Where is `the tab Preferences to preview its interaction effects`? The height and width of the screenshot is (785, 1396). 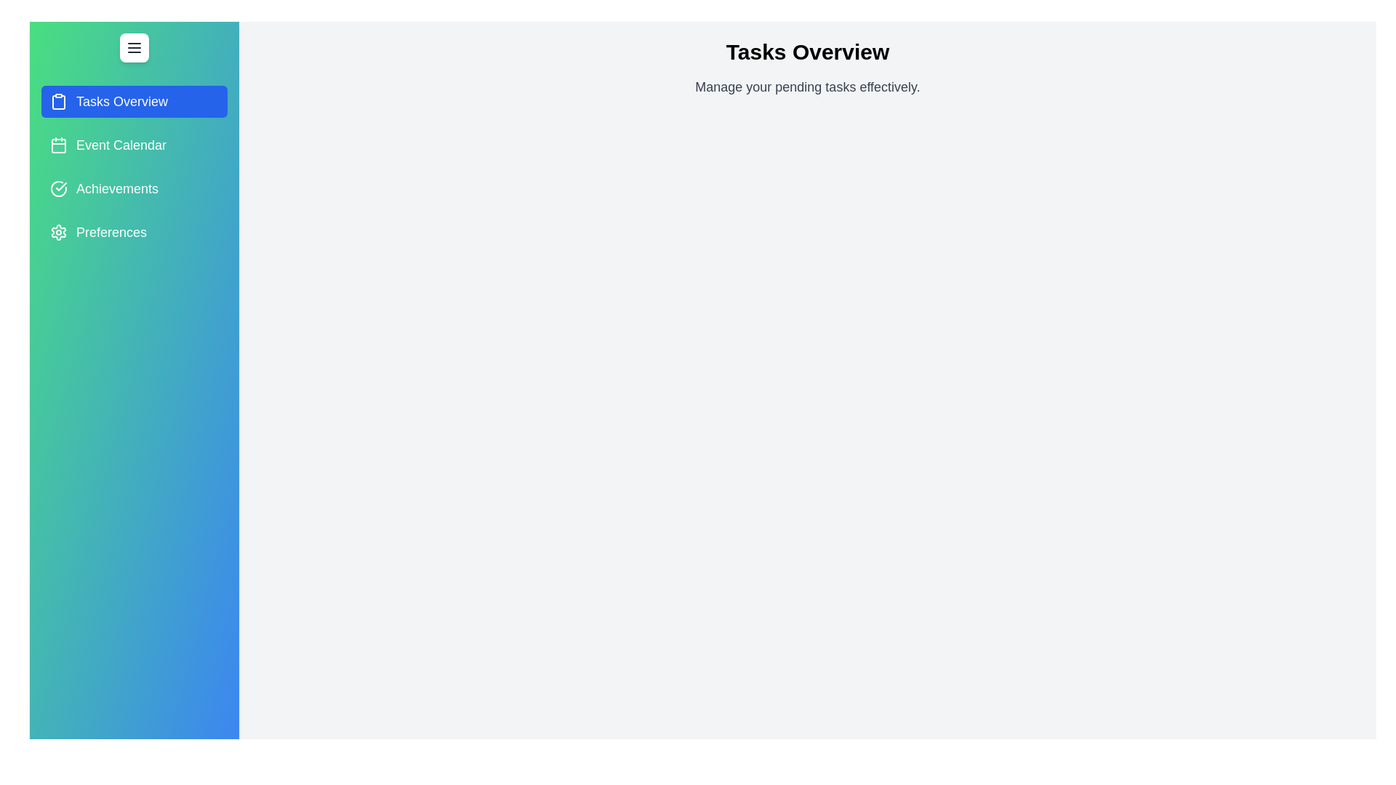 the tab Preferences to preview its interaction effects is located at coordinates (135, 232).